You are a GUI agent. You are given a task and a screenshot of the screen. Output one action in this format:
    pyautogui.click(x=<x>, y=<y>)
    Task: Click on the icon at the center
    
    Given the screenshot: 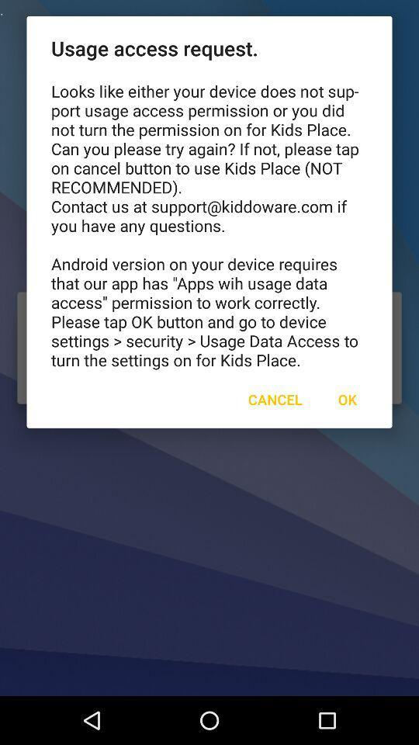 What is the action you would take?
    pyautogui.click(x=274, y=398)
    